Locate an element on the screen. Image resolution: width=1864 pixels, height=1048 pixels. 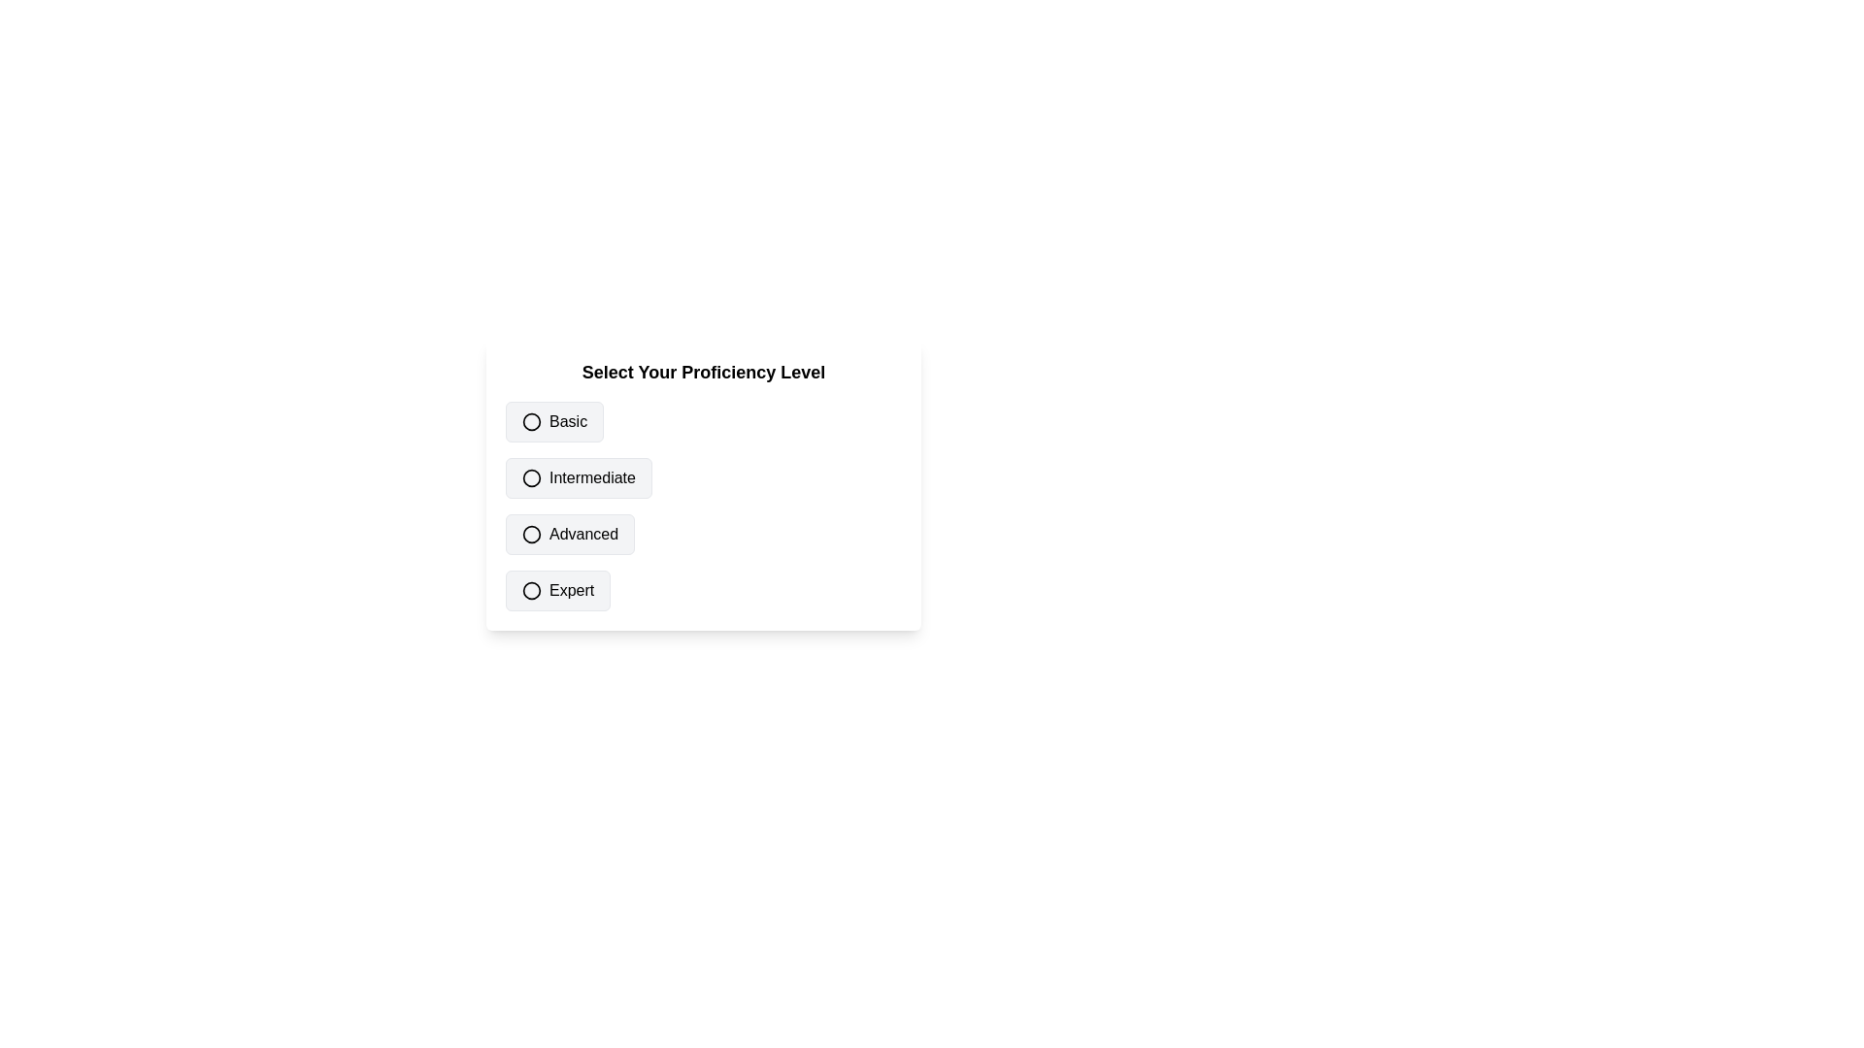
the header text 'Select Your Proficiency Level' which is styled in a large, bold font at the top of the selection interface is located at coordinates (702, 373).